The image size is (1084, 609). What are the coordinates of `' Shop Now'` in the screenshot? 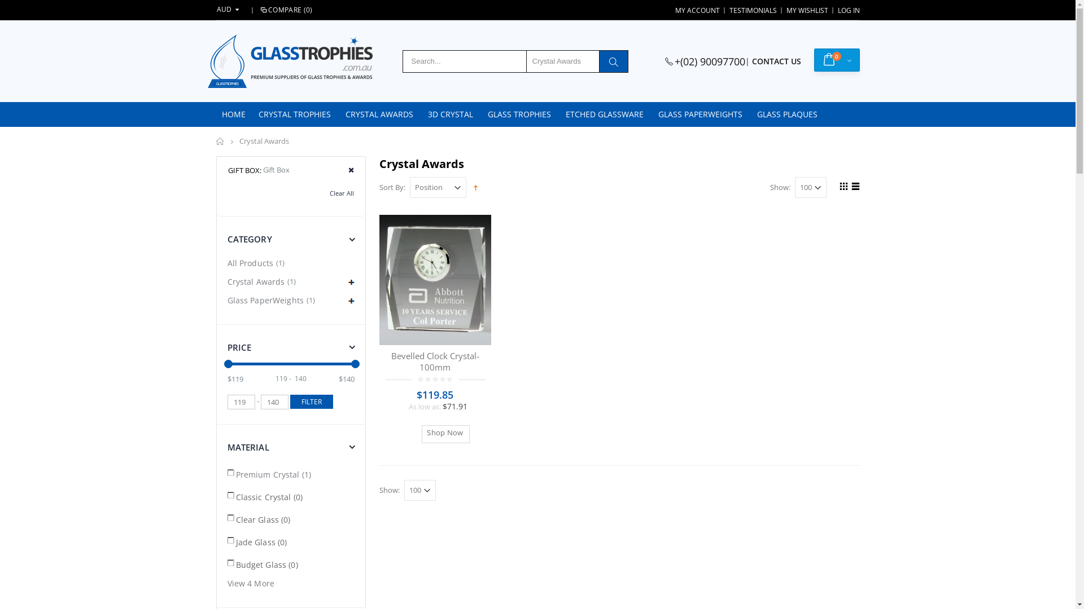 It's located at (445, 434).